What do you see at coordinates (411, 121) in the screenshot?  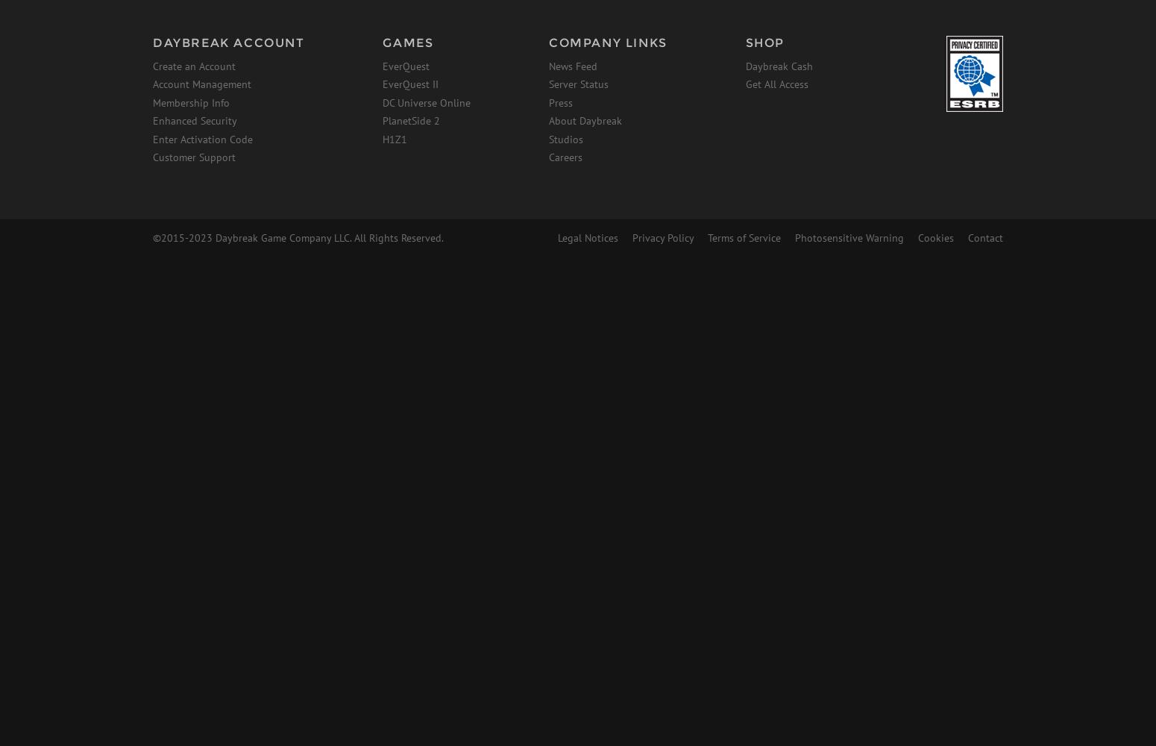 I see `'PlanetSide 2'` at bounding box center [411, 121].